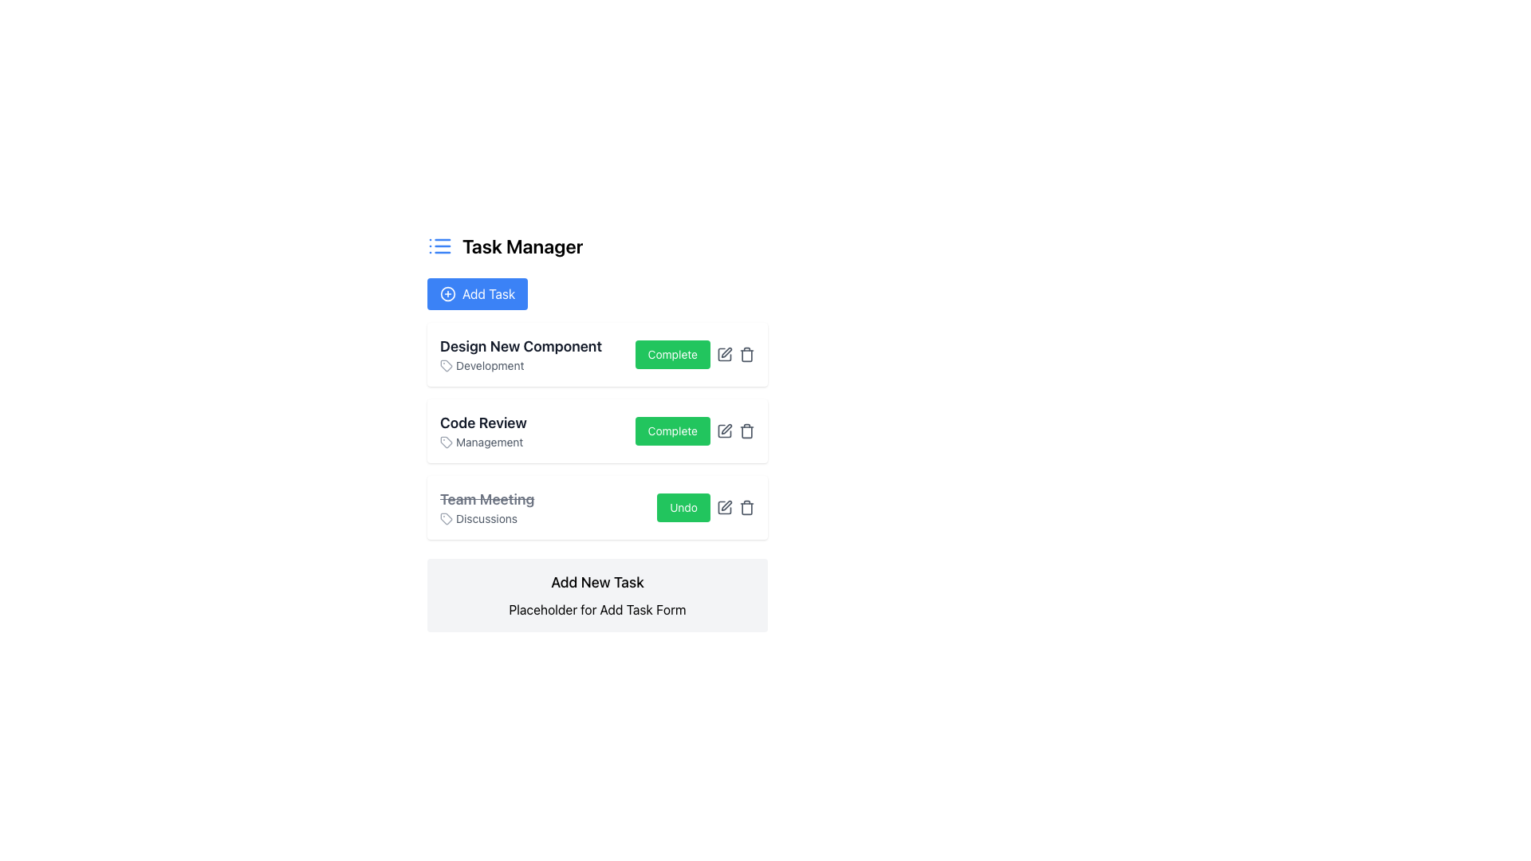 The height and width of the screenshot is (861, 1531). I want to click on the delete icon resembling a trash bin located in the top-right corner of the 'Design New Component' task card, so click(746, 353).